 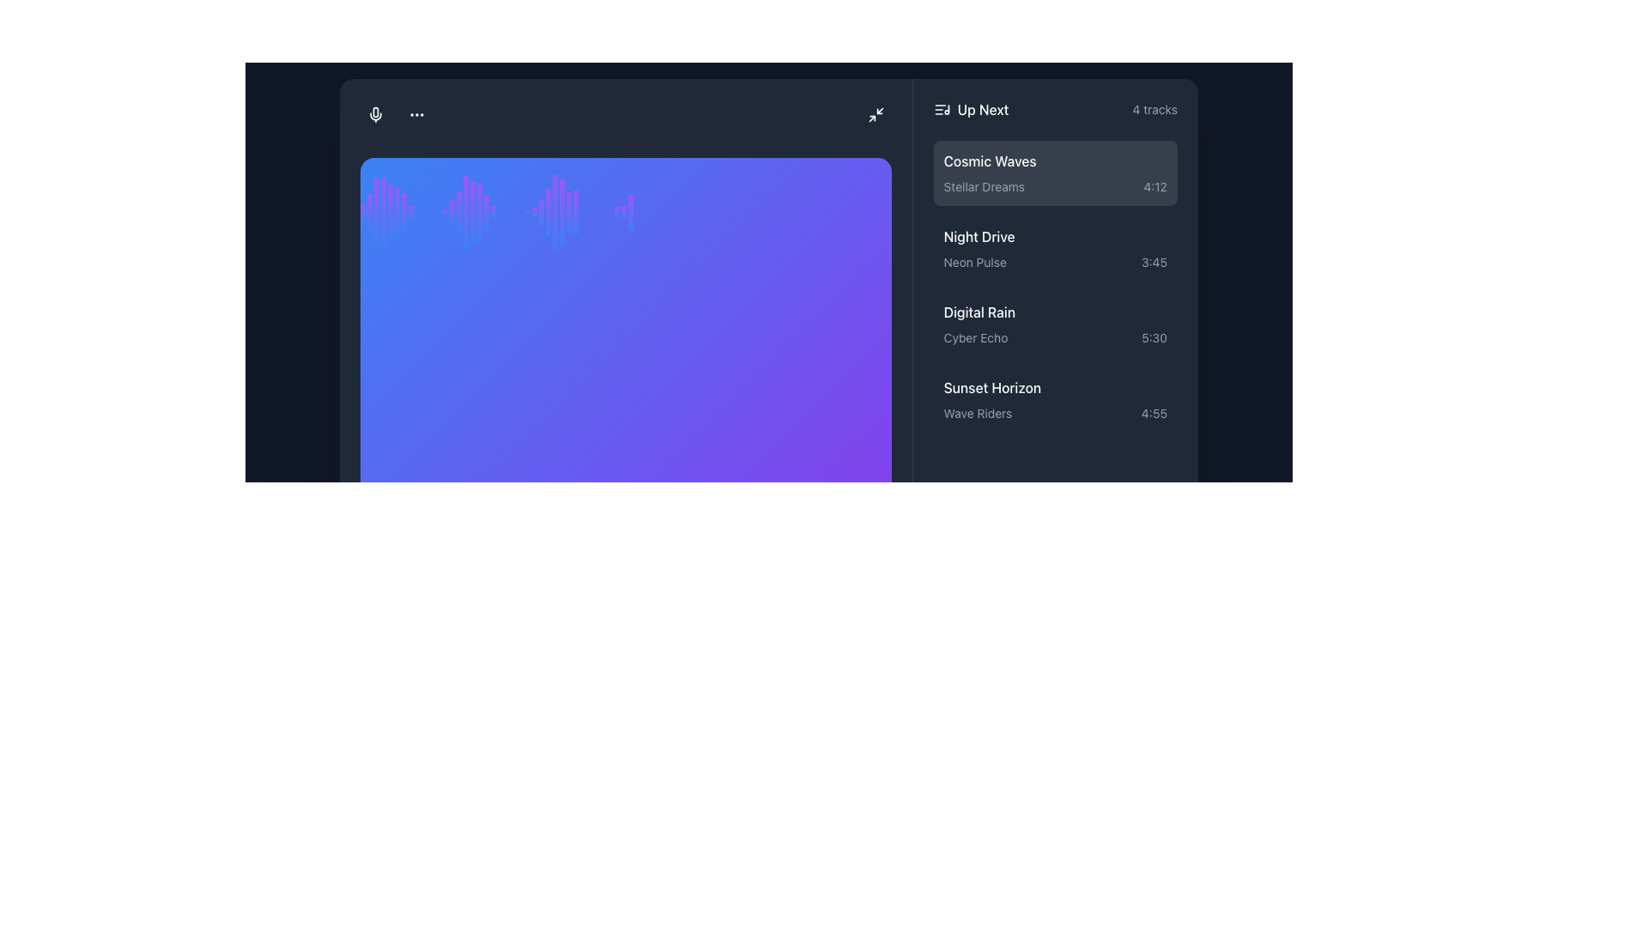 I want to click on the sixteenth waveform bar in the waveform display, which visually represents data amplitude, so click(x=465, y=210).